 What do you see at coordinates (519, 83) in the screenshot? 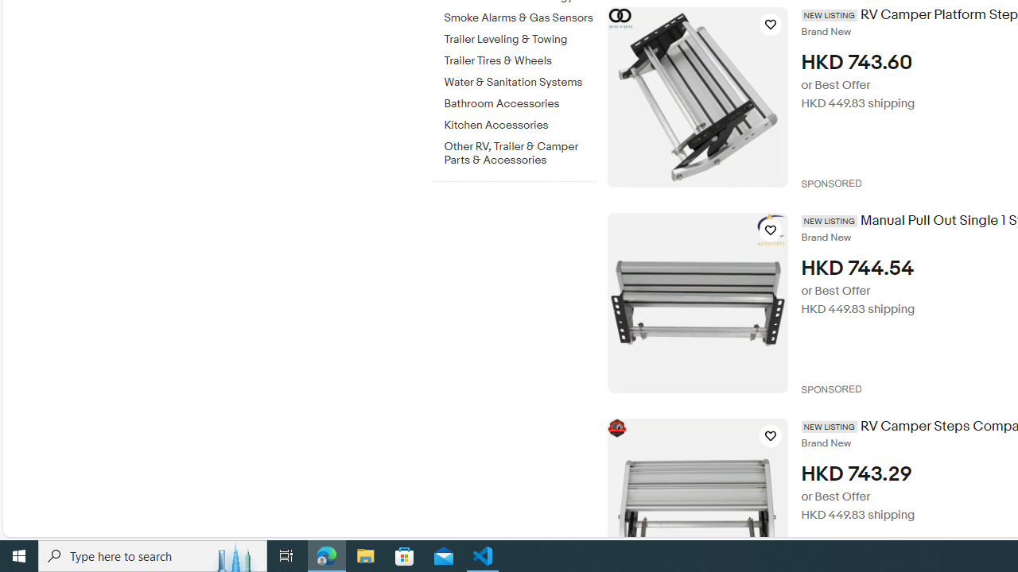
I see `'Water & Sanitation Systems'` at bounding box center [519, 83].